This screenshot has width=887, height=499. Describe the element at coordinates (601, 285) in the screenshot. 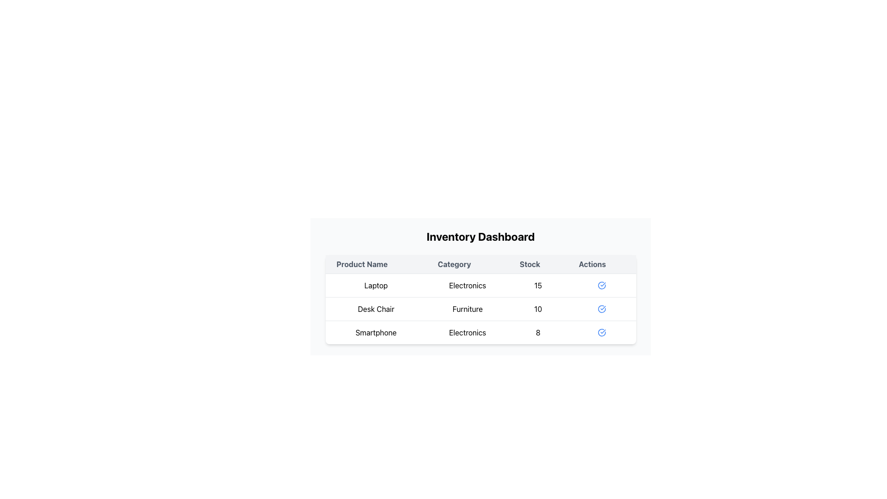

I see `the circular graphical button/icon located in the 'Actions' column of the topmost row in the table` at that location.